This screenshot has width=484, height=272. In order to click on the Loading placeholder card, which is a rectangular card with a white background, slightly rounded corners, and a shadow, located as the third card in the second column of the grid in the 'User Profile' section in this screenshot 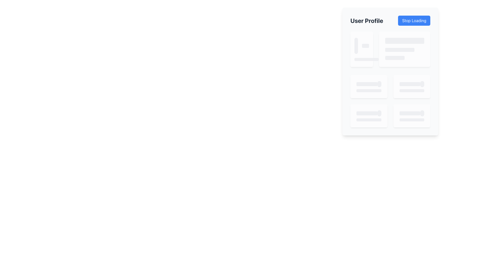, I will do `click(412, 86)`.